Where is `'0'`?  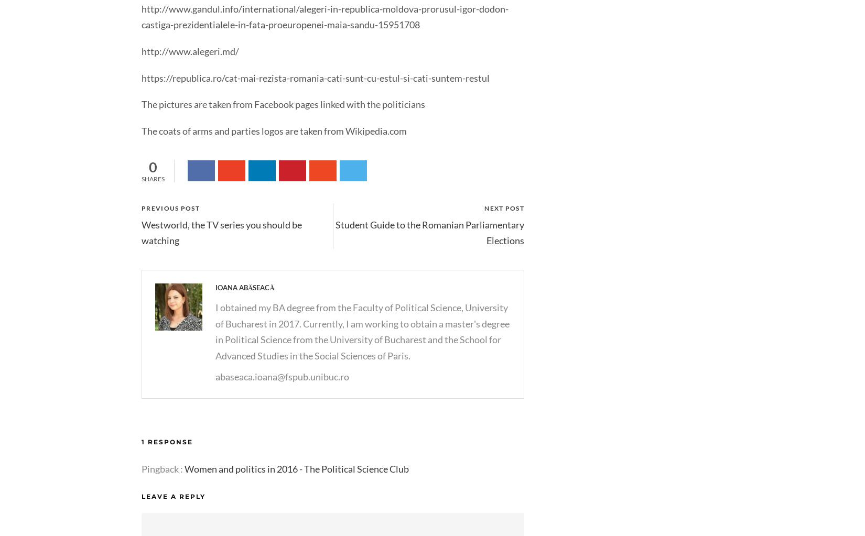
'0' is located at coordinates (148, 167).